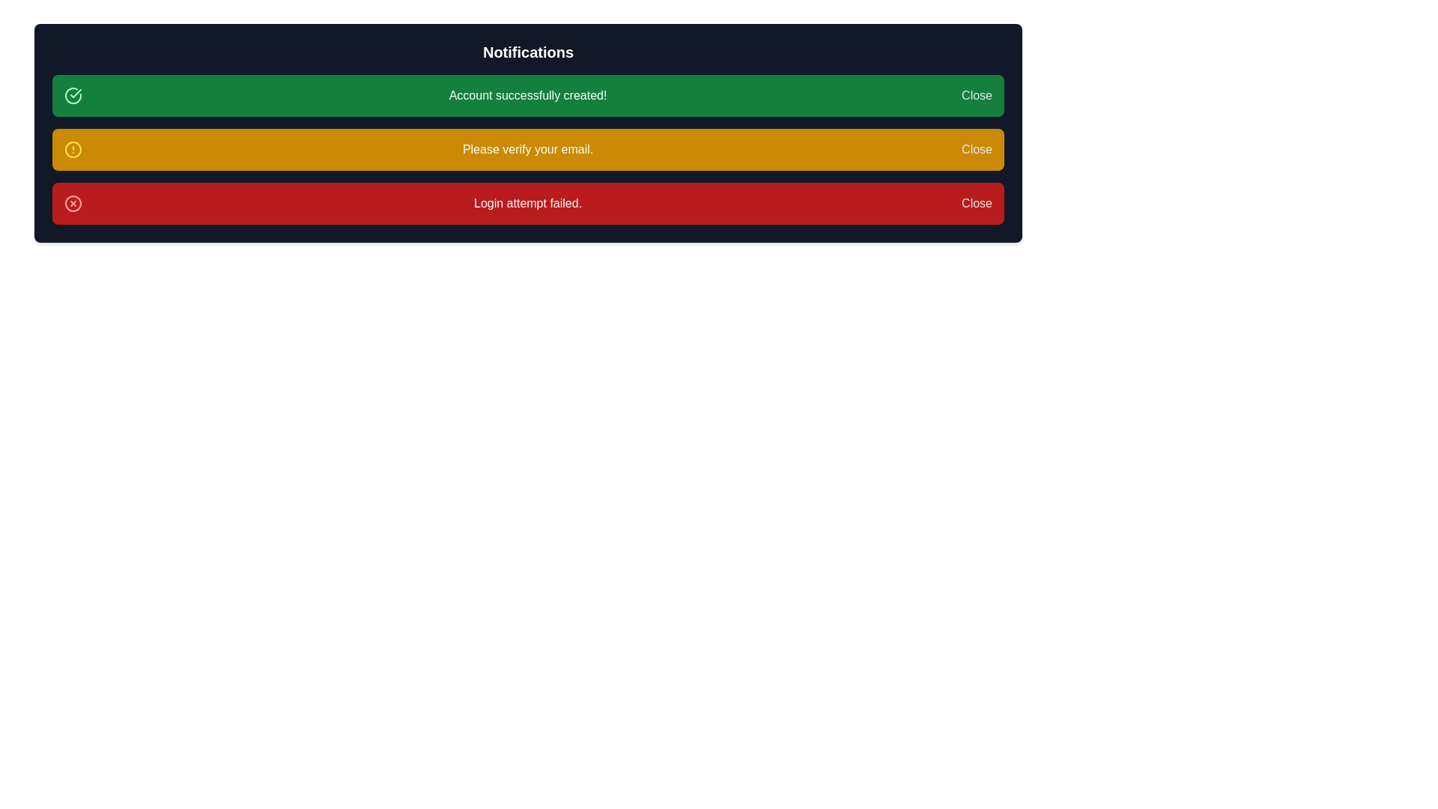 This screenshot has height=809, width=1438. What do you see at coordinates (528, 204) in the screenshot?
I see `the text in the notification alert about the failed login attempt, which is the third notification in the list and has a dismiss button` at bounding box center [528, 204].